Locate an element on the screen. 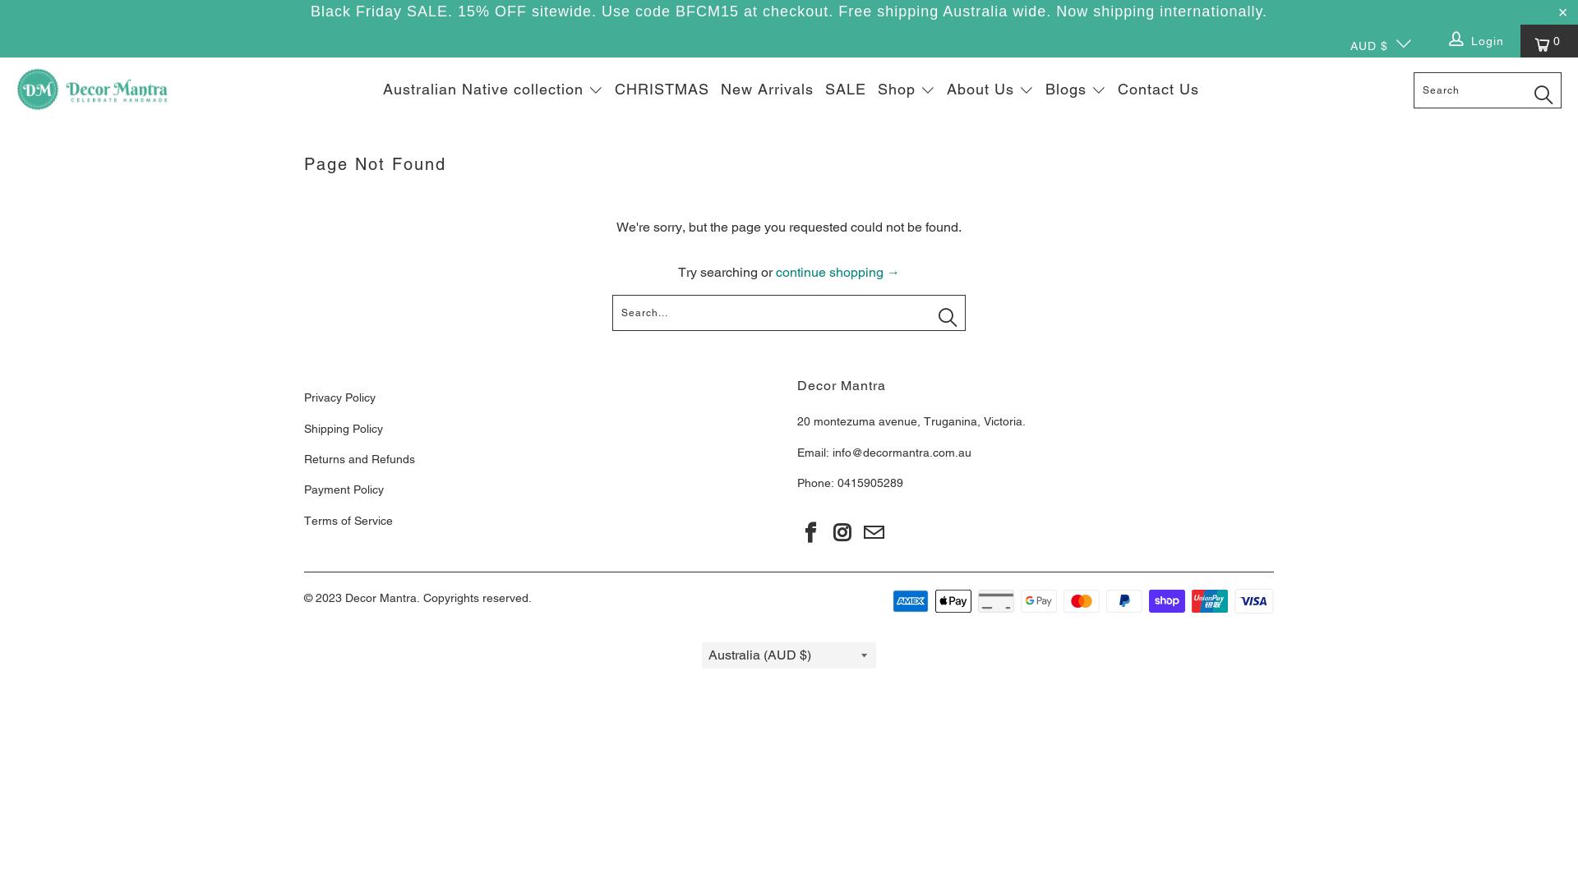 The height and width of the screenshot is (887, 1578). 'Australian Native collection' is located at coordinates (492, 91).